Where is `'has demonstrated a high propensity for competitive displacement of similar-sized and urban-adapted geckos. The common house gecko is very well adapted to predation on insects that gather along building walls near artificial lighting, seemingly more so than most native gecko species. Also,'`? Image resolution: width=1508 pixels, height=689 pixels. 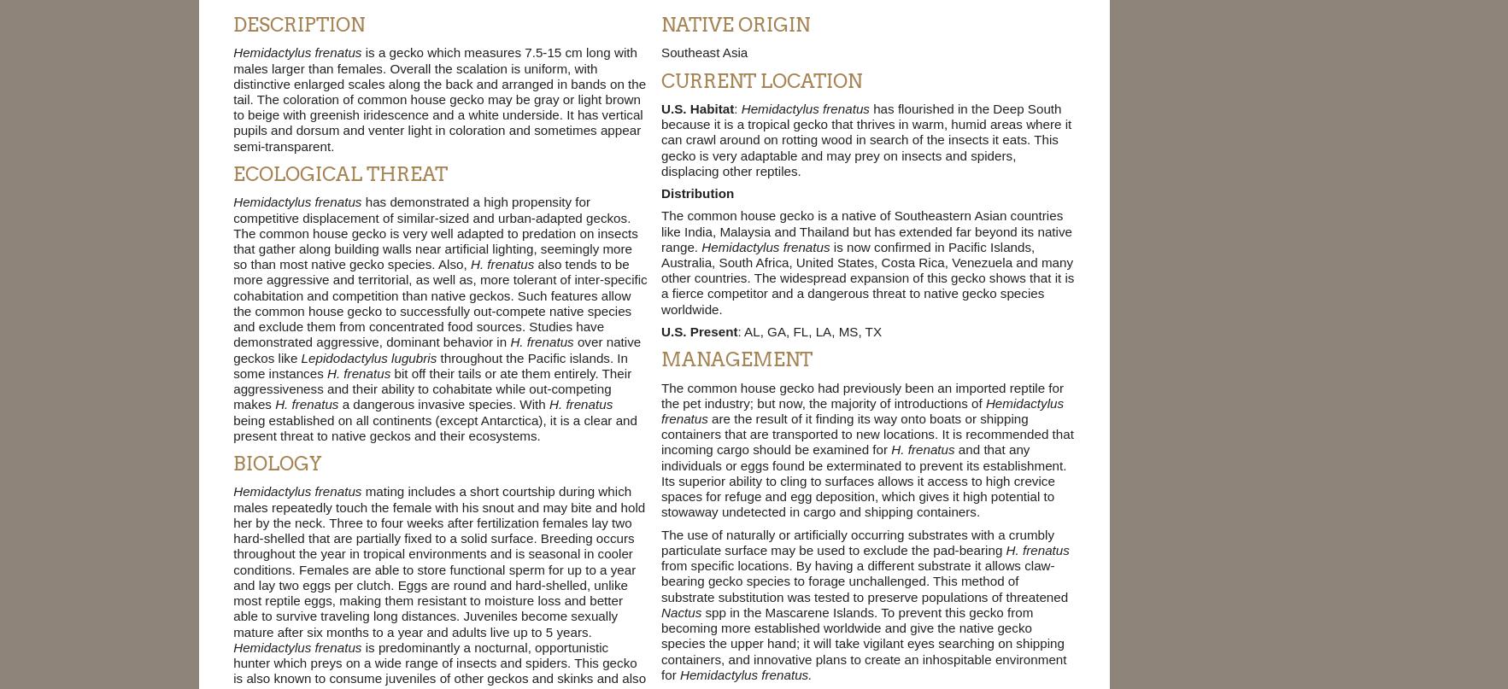
'has demonstrated a high propensity for competitive displacement of similar-sized and urban-adapted geckos. The common house gecko is very well adapted to predation on insects that gather along building walls near artificial lighting, seemingly more so than most native gecko species. Also,' is located at coordinates (434, 232).